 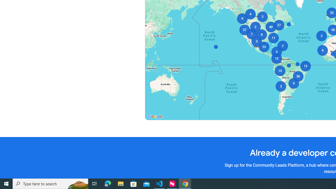 What do you see at coordinates (276, 59) in the screenshot?
I see `'12'` at bounding box center [276, 59].